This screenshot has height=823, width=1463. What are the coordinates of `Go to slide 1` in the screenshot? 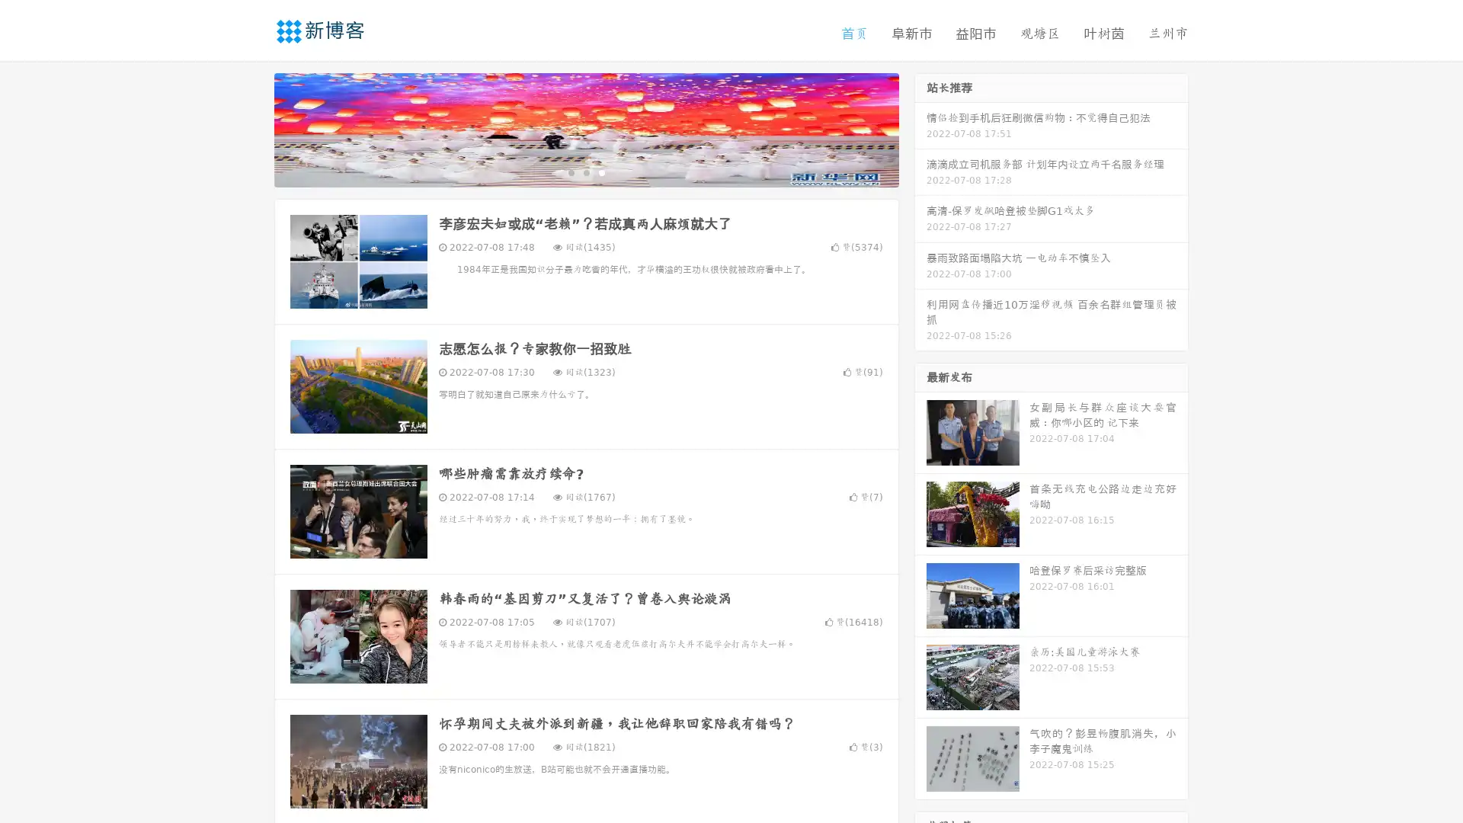 It's located at (570, 171).